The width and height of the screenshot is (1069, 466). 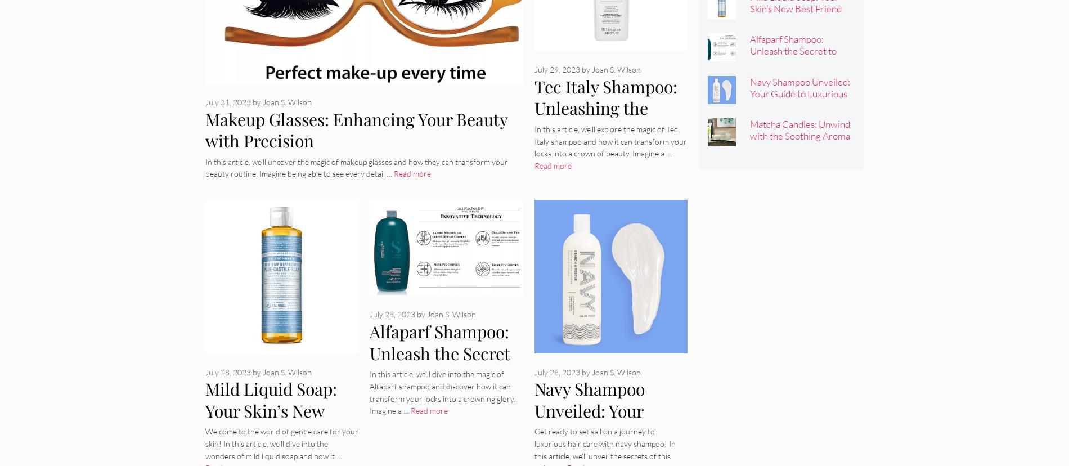 What do you see at coordinates (271, 410) in the screenshot?
I see `'Mild Liquid Soap: Your Skin’s New Best Friend'` at bounding box center [271, 410].